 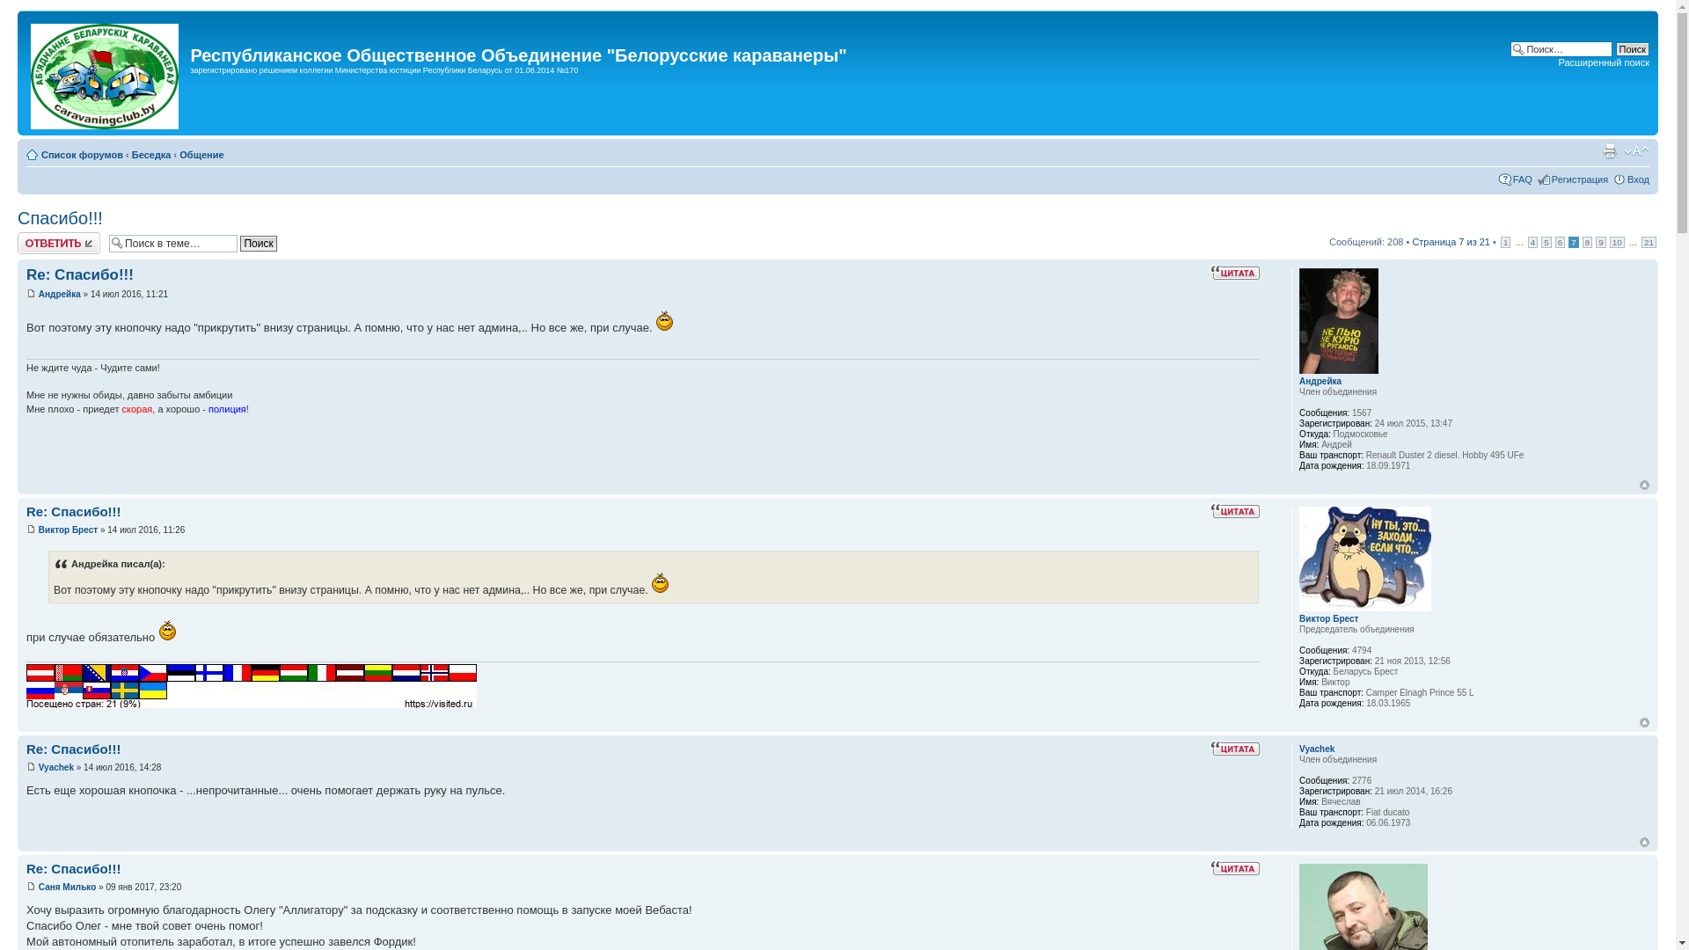 I want to click on '1', so click(x=1505, y=242).